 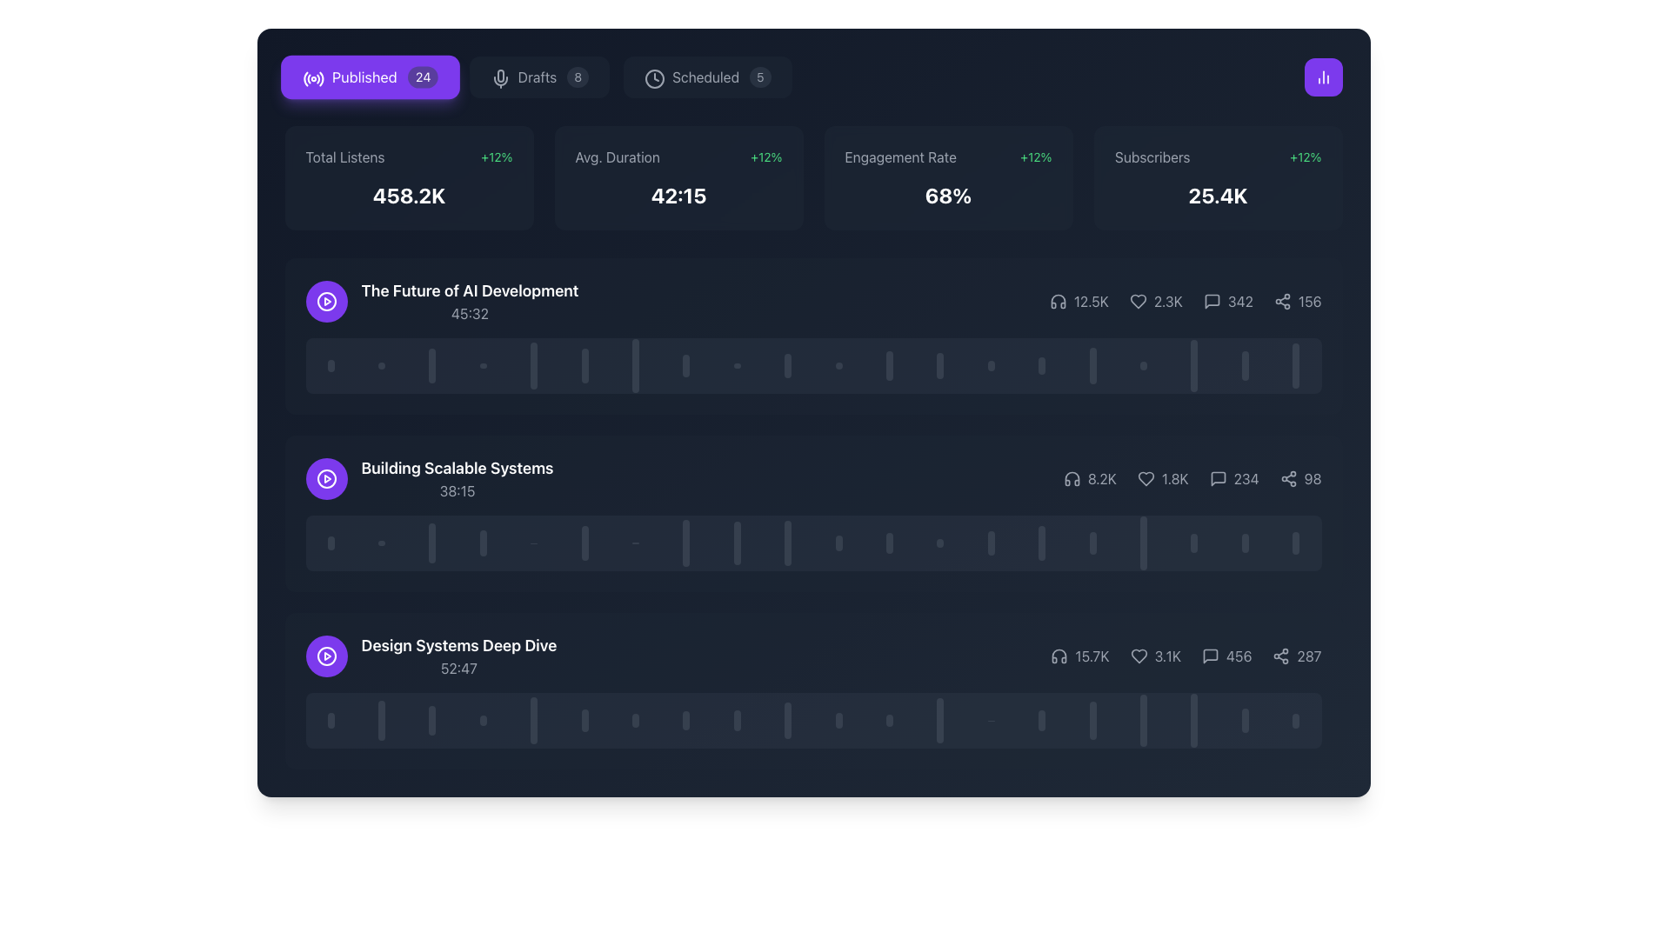 I want to click on the Progress Indicator Bar, which is part of a series of vertically aligned bars, positioned centrally among its siblings, so click(x=634, y=364).